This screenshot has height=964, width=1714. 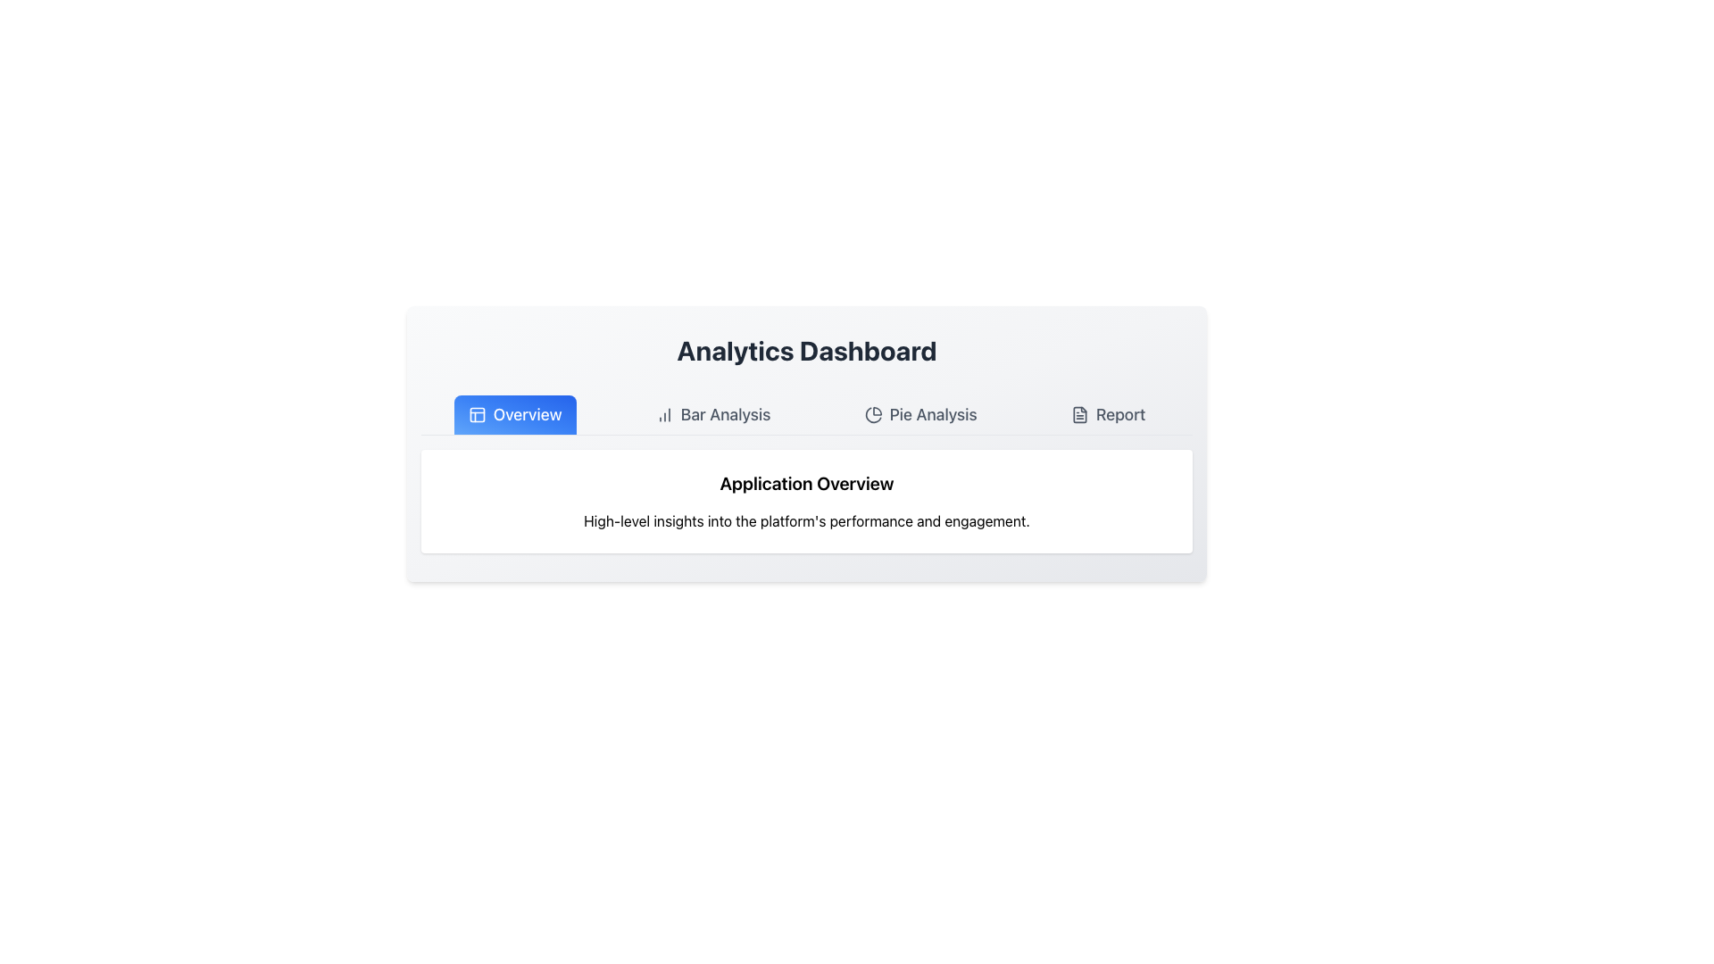 What do you see at coordinates (712, 415) in the screenshot?
I see `the 'Bar Analysis' button in the horizontal navigation bar located under the 'Analytics Dashboard' heading` at bounding box center [712, 415].